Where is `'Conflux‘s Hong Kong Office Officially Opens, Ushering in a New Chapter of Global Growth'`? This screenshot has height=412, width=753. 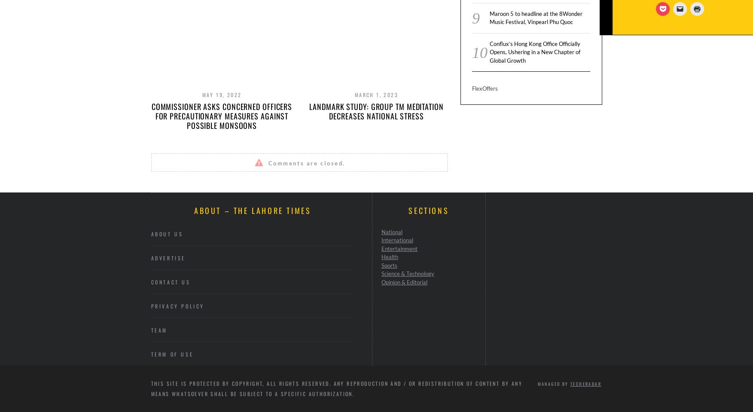
'Conflux‘s Hong Kong Office Officially Opens, Ushering in a New Chapter of Global Growth' is located at coordinates (534, 52).